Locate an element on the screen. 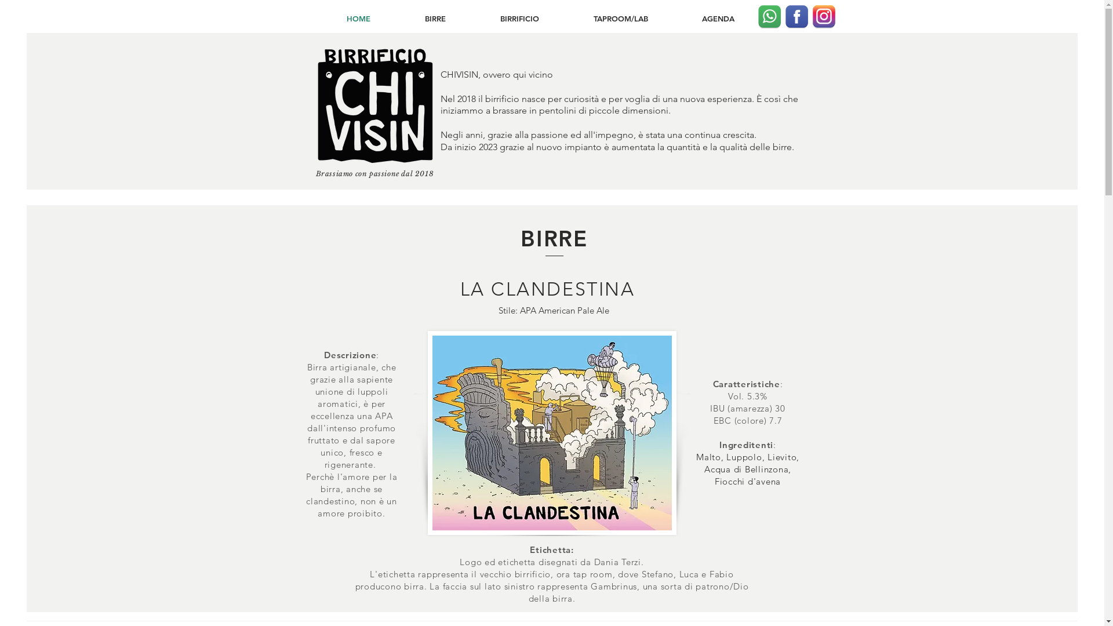 The height and width of the screenshot is (626, 1113). 'vai alla nostra pagina' is located at coordinates (812, 17).